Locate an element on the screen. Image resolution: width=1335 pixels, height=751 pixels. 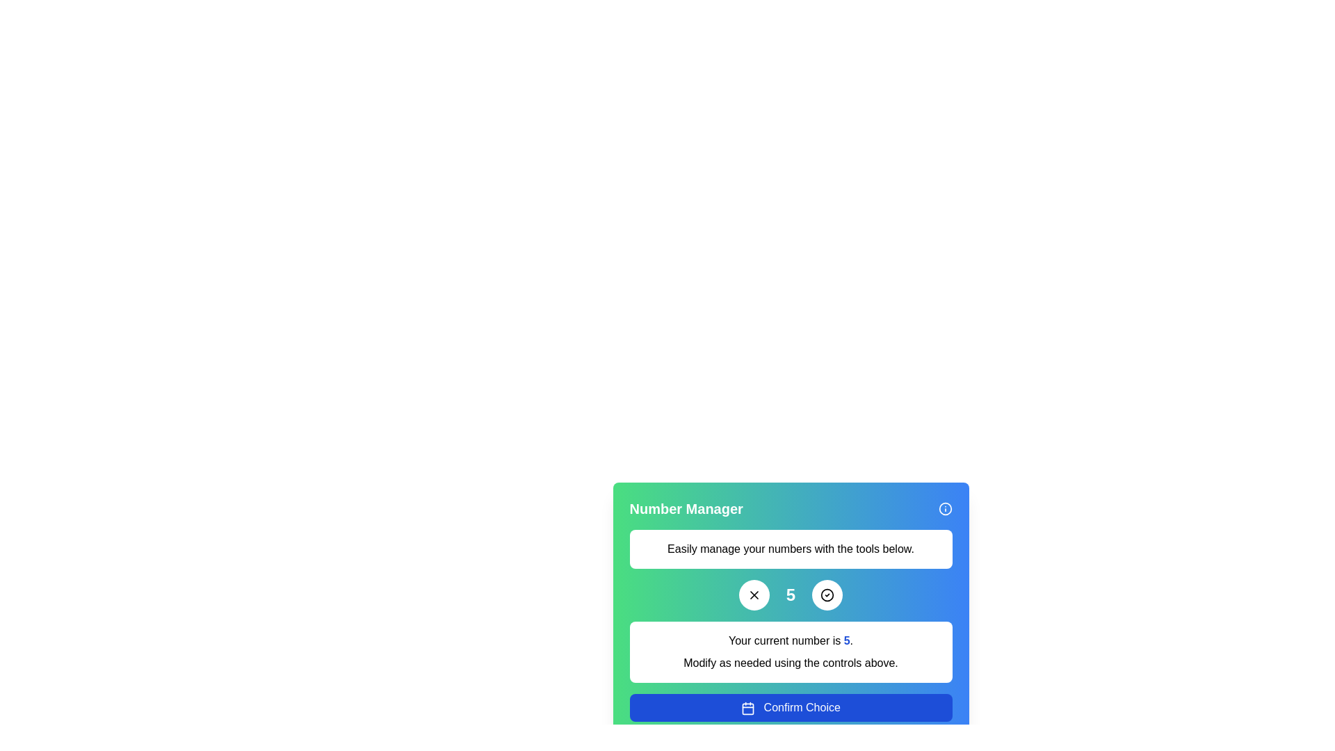
the unfilled circular SVG element located in the top-right corner of the card interface is located at coordinates (945, 509).